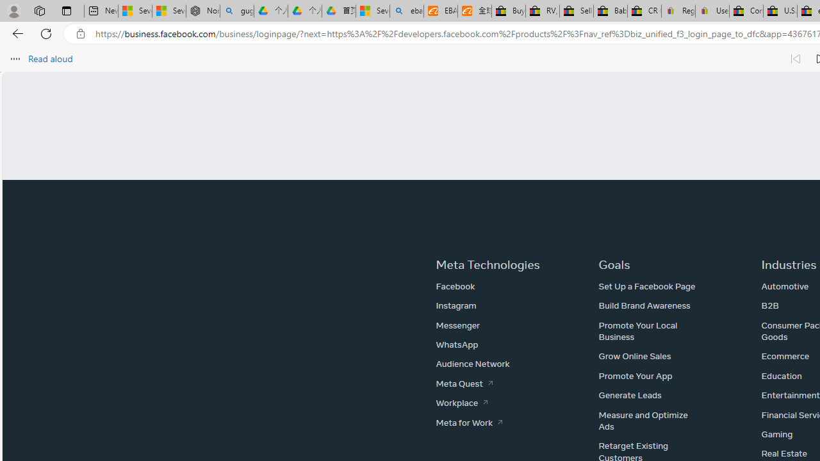  What do you see at coordinates (455, 286) in the screenshot?
I see `'Facebook'` at bounding box center [455, 286].